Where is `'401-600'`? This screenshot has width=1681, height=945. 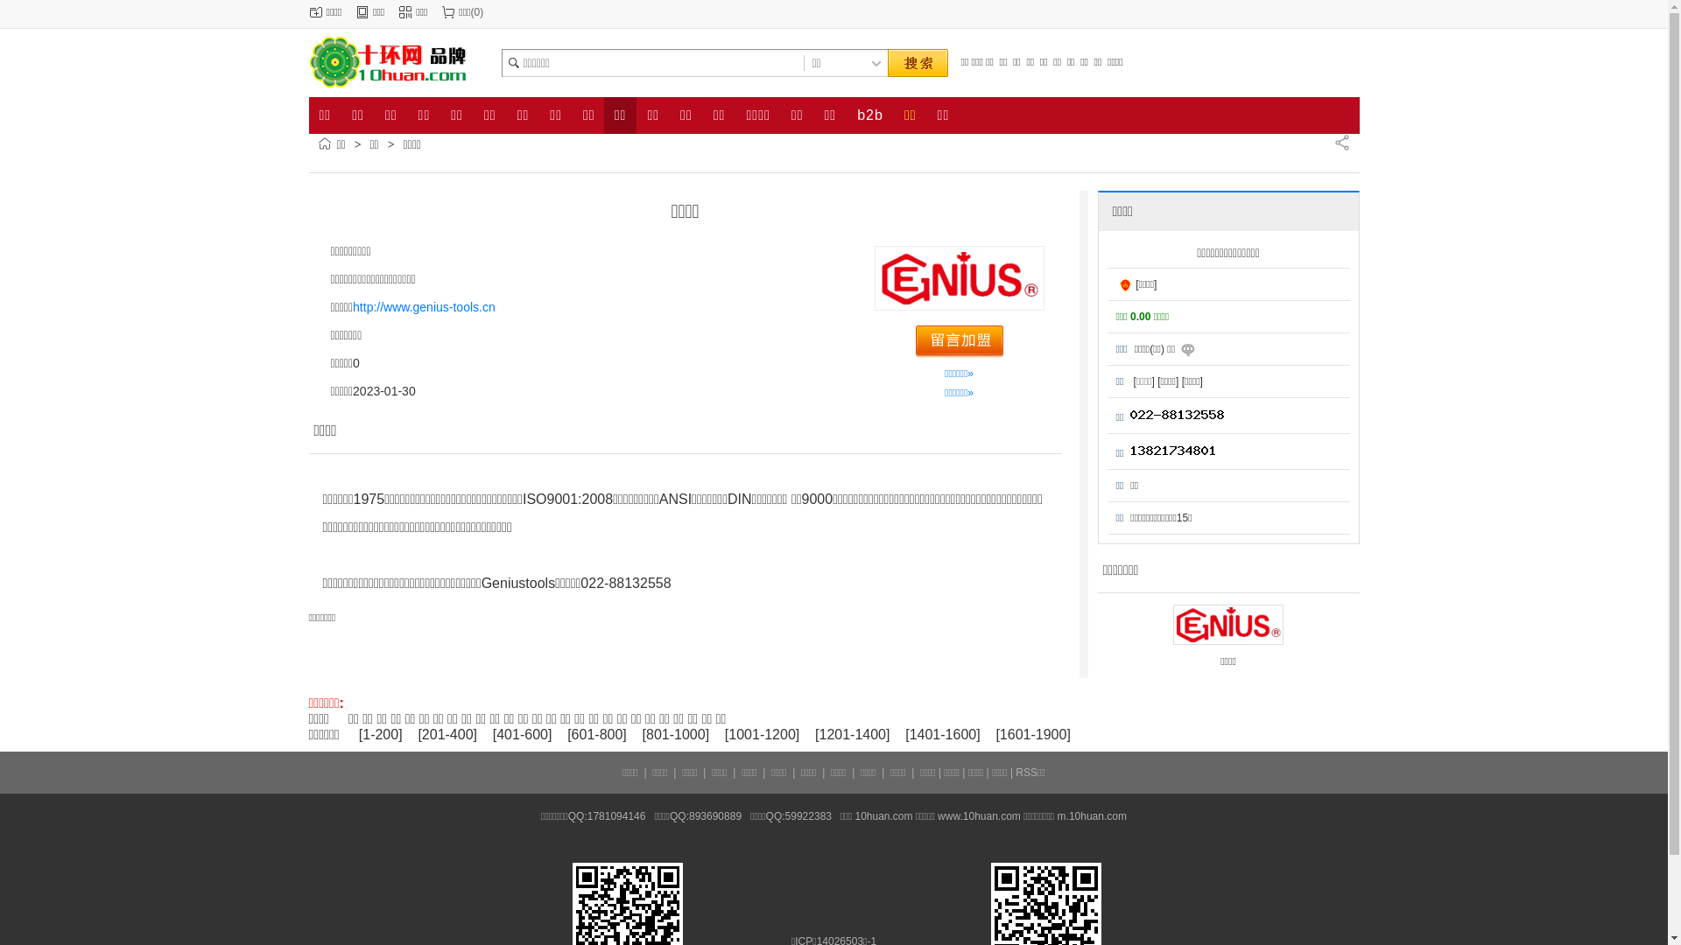 '401-600' is located at coordinates (521, 734).